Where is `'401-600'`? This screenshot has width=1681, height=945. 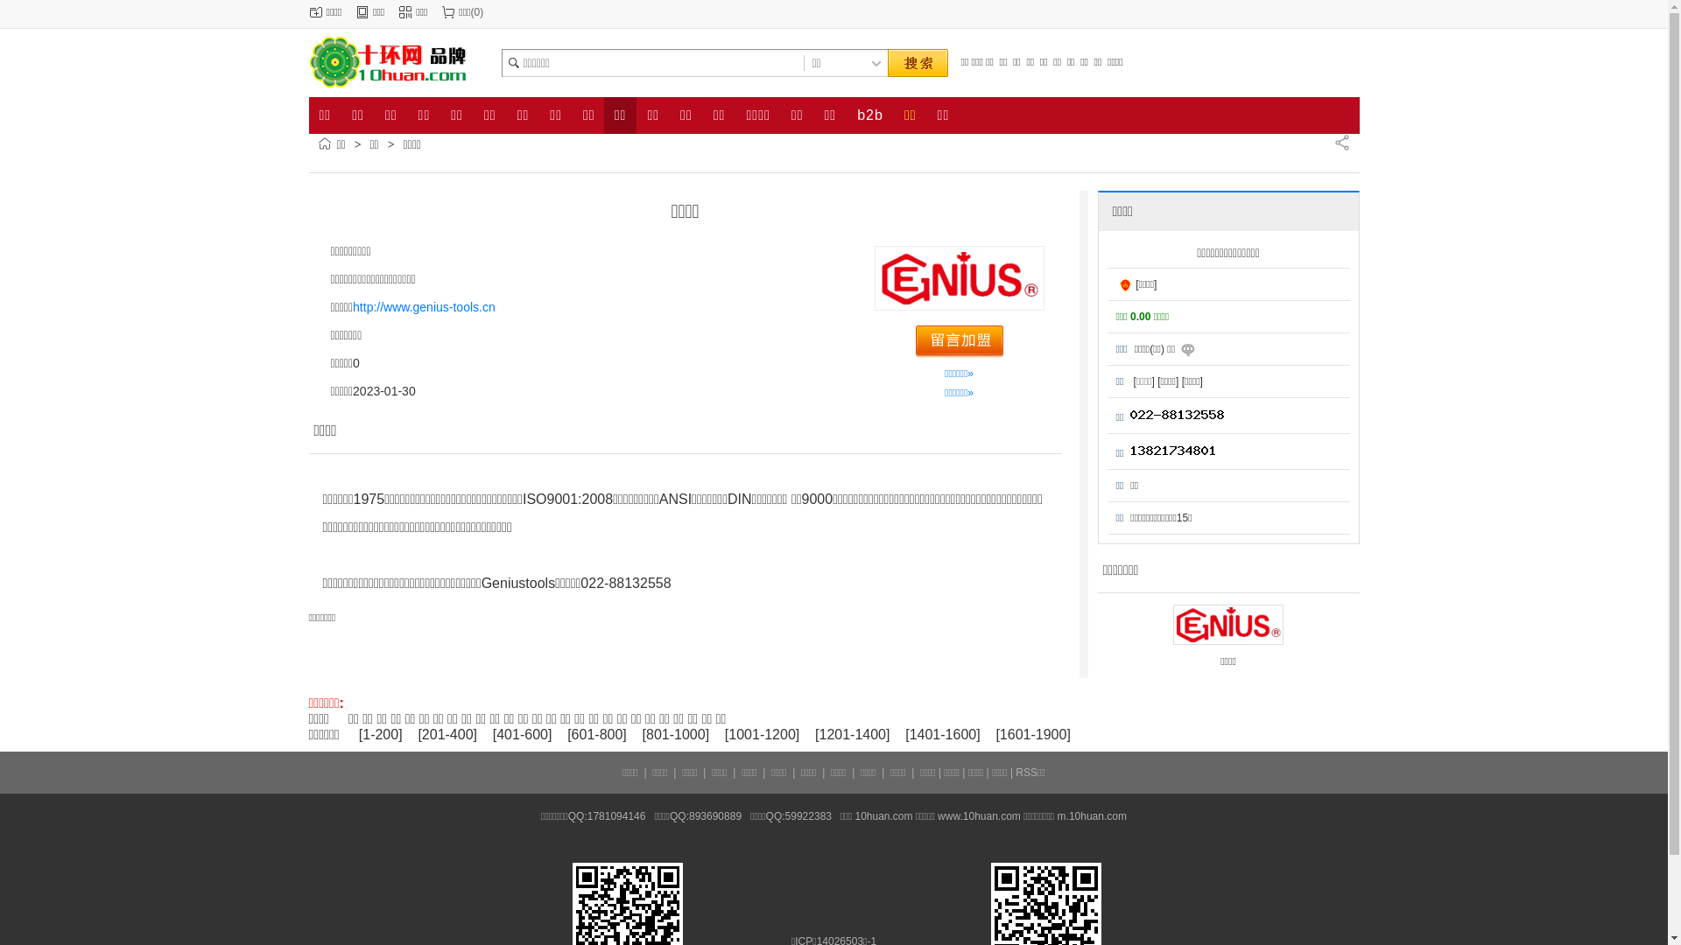 '401-600' is located at coordinates (521, 734).